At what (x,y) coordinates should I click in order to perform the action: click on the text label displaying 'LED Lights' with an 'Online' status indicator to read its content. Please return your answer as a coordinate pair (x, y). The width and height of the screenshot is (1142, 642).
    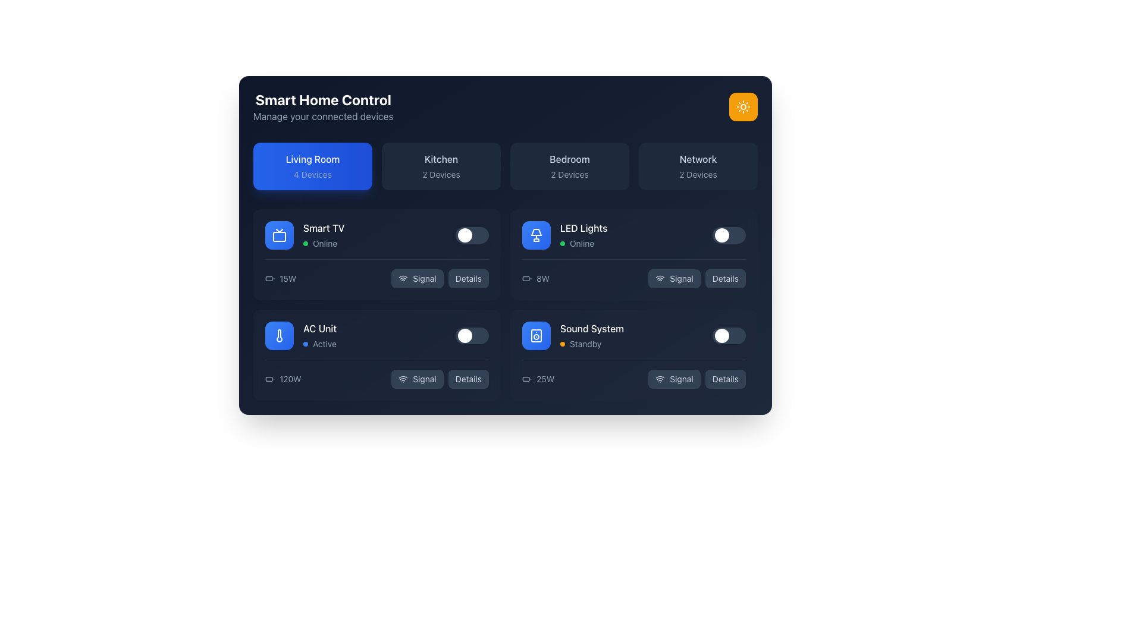
    Looking at the image, I should click on (583, 235).